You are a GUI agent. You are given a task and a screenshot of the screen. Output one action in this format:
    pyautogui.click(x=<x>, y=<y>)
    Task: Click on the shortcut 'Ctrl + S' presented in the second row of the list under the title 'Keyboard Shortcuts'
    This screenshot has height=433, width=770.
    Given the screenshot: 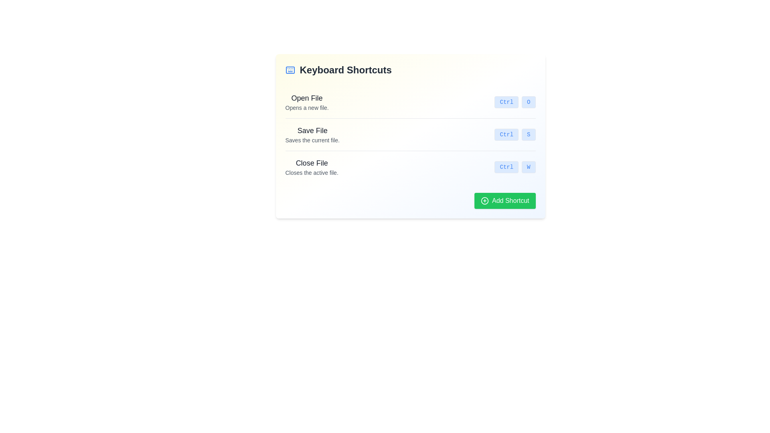 What is the action you would take?
    pyautogui.click(x=410, y=134)
    